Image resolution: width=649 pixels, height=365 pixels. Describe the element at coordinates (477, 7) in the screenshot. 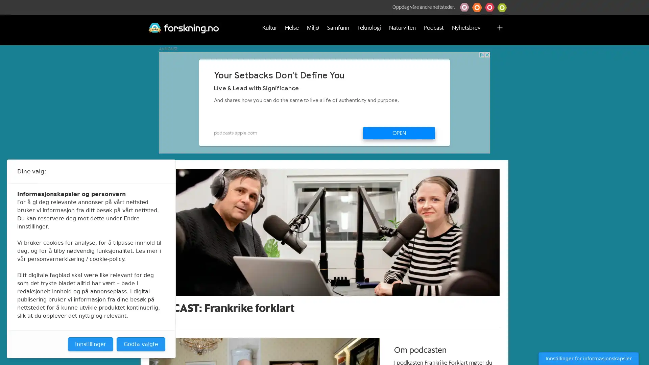

I see `logo for ung.forskning.no` at that location.